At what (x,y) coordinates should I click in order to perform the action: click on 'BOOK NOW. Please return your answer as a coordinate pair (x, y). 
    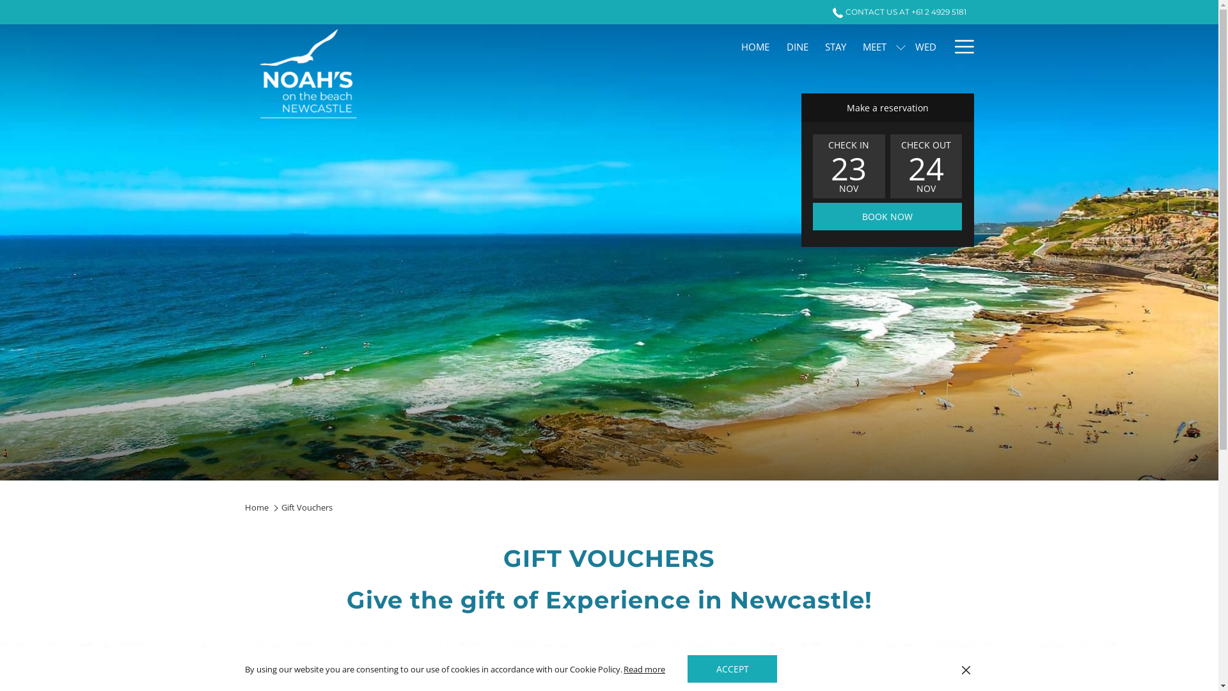
    Looking at the image, I should click on (886, 216).